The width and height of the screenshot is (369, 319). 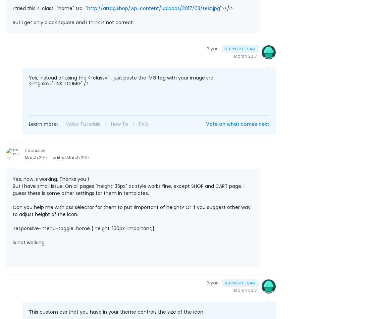 What do you see at coordinates (143, 124) in the screenshot?
I see `'FAQ'` at bounding box center [143, 124].